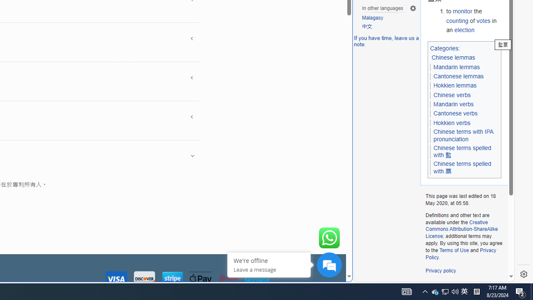  I want to click on 'Terms of Use', so click(453, 250).